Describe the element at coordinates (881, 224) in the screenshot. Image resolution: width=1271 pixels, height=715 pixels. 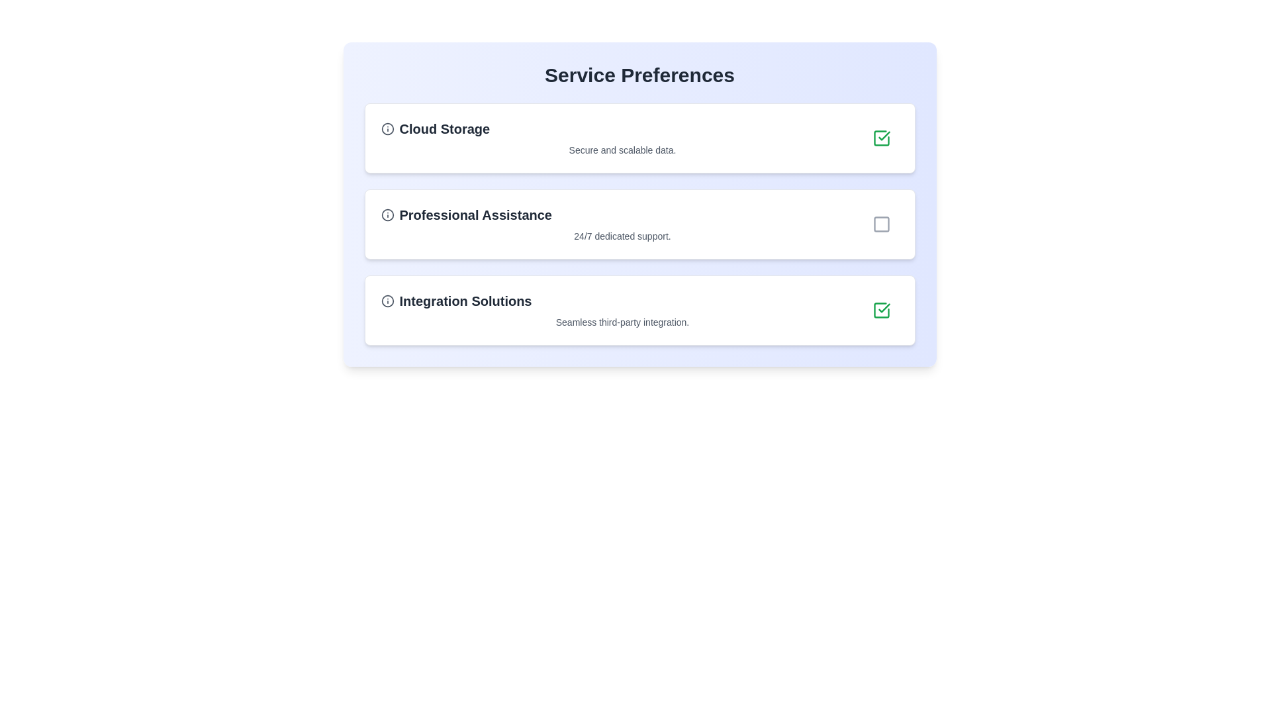
I see `the rounded square button with a gray border located to the right of the text 'Professional Assistance' in the second row of the 'Service Preferences' section` at that location.